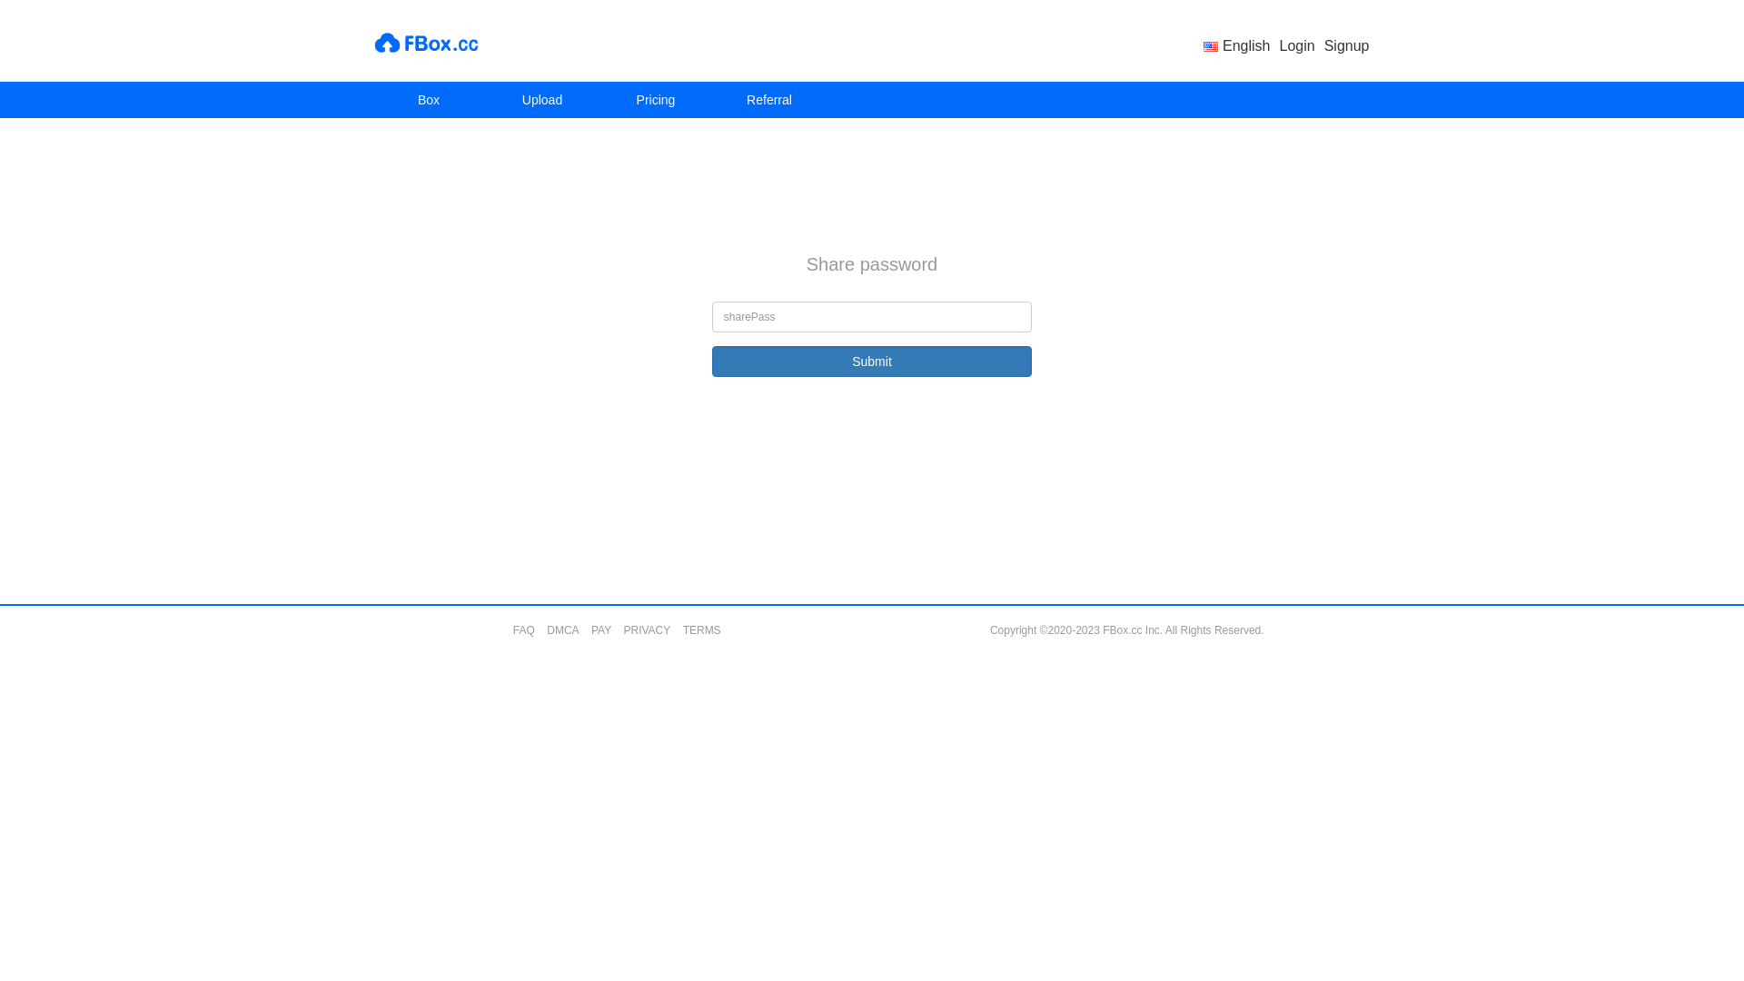 Image resolution: width=1744 pixels, height=981 pixels. Describe the element at coordinates (561, 629) in the screenshot. I see `'DMCA'` at that location.